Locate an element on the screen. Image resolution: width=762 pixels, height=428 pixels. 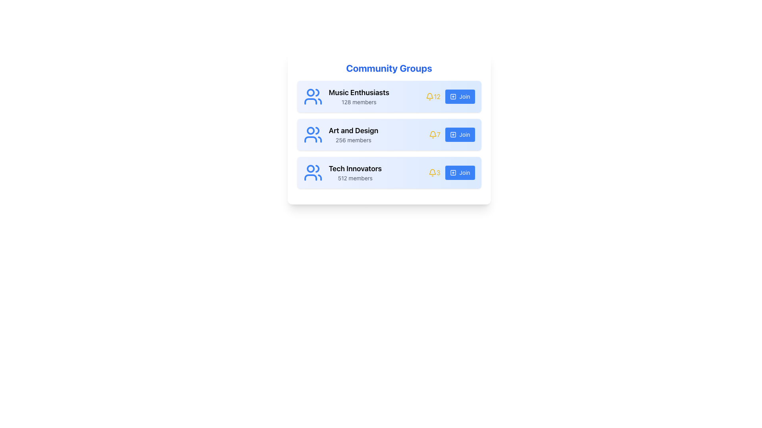
the 'Music Enthusiasts' informational label, which is the first element in the vertical list under 'Community Groups' is located at coordinates (346, 96).